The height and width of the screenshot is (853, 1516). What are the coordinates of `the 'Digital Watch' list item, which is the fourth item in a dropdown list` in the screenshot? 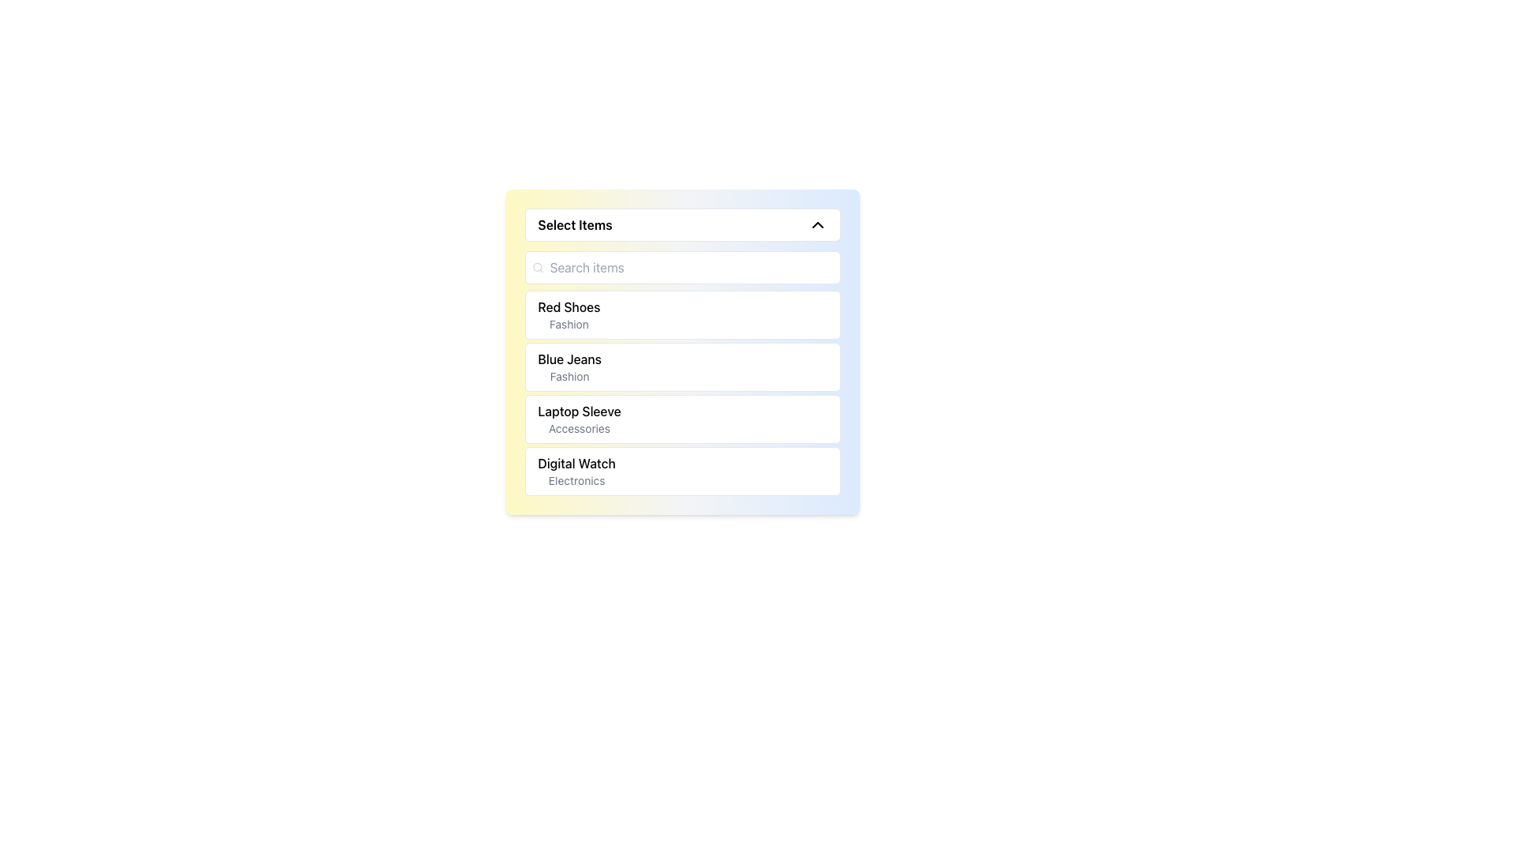 It's located at (682, 471).